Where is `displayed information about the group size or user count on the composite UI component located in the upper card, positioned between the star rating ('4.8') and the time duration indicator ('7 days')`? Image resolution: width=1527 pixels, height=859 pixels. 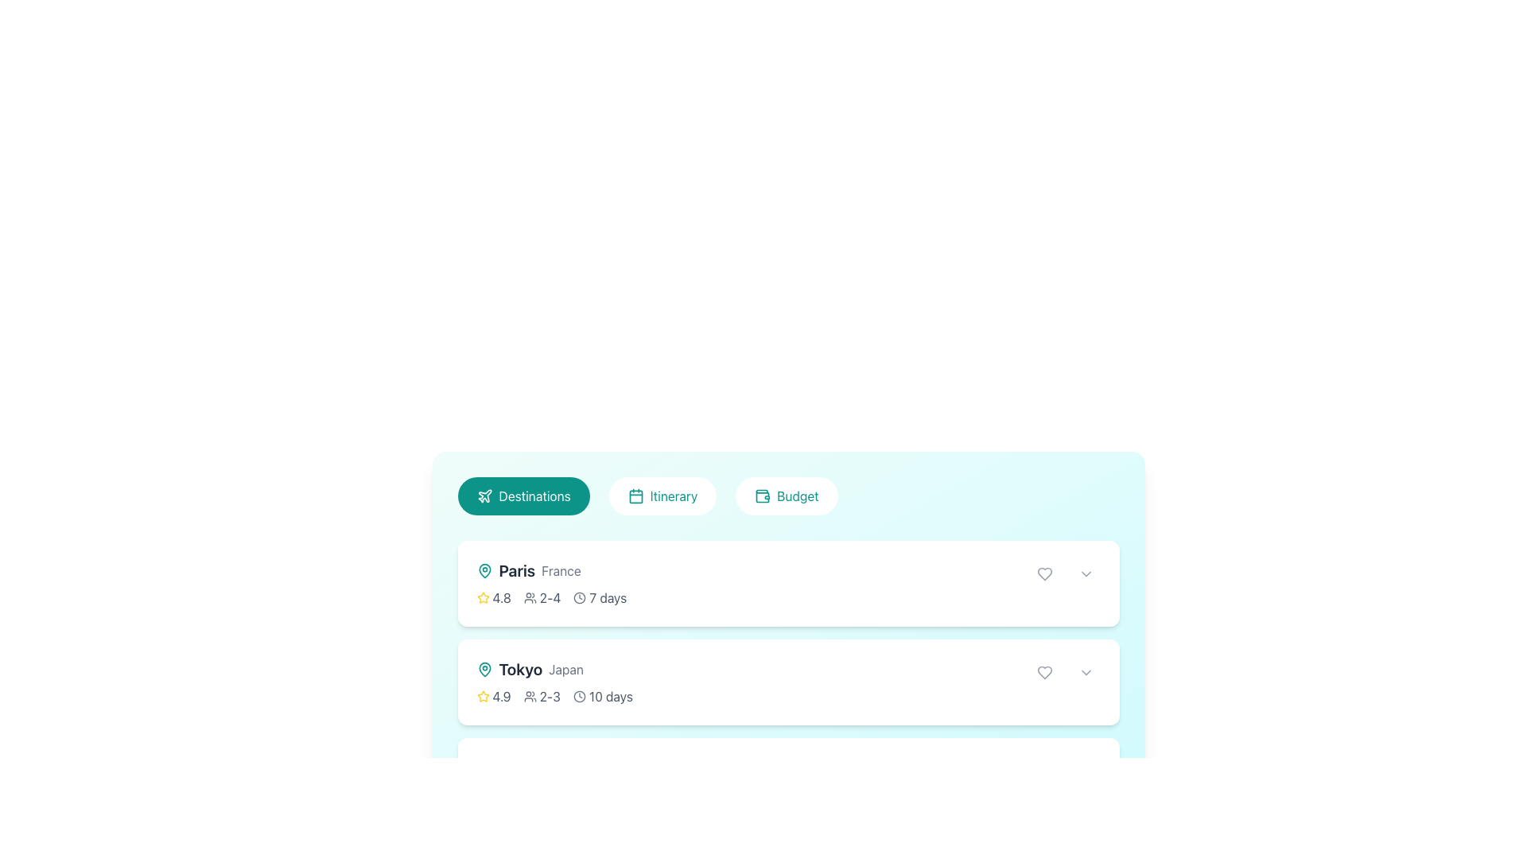
displayed information about the group size or user count on the composite UI component located in the upper card, positioned between the star rating ('4.8') and the time duration indicator ('7 days') is located at coordinates (542, 598).